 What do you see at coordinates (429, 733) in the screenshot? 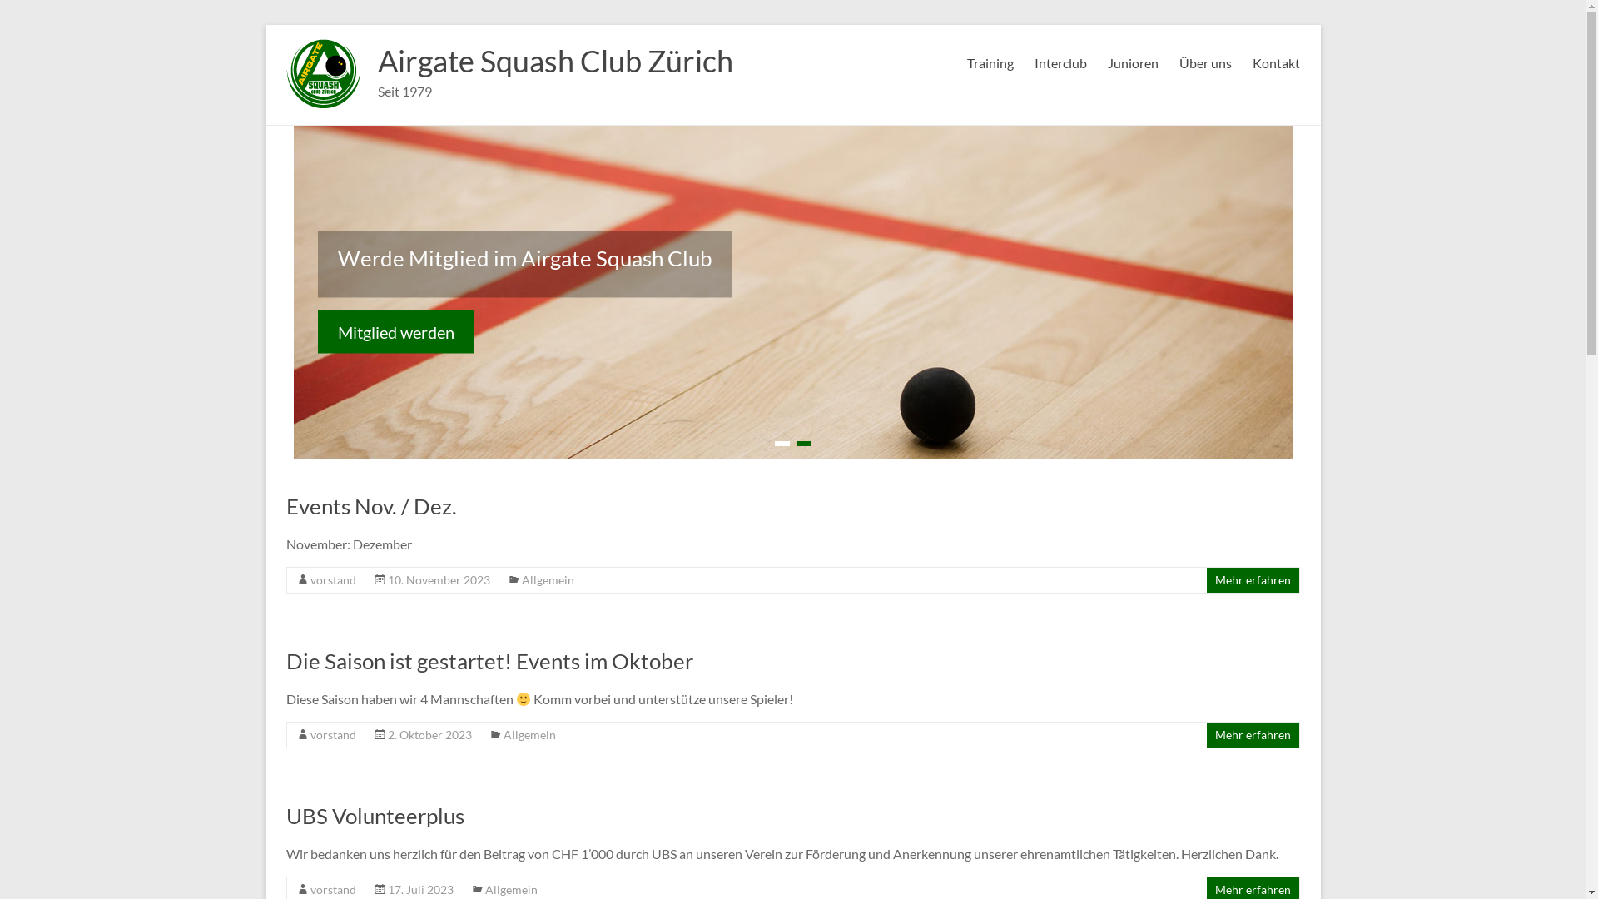
I see `'2. Oktober 2023'` at bounding box center [429, 733].